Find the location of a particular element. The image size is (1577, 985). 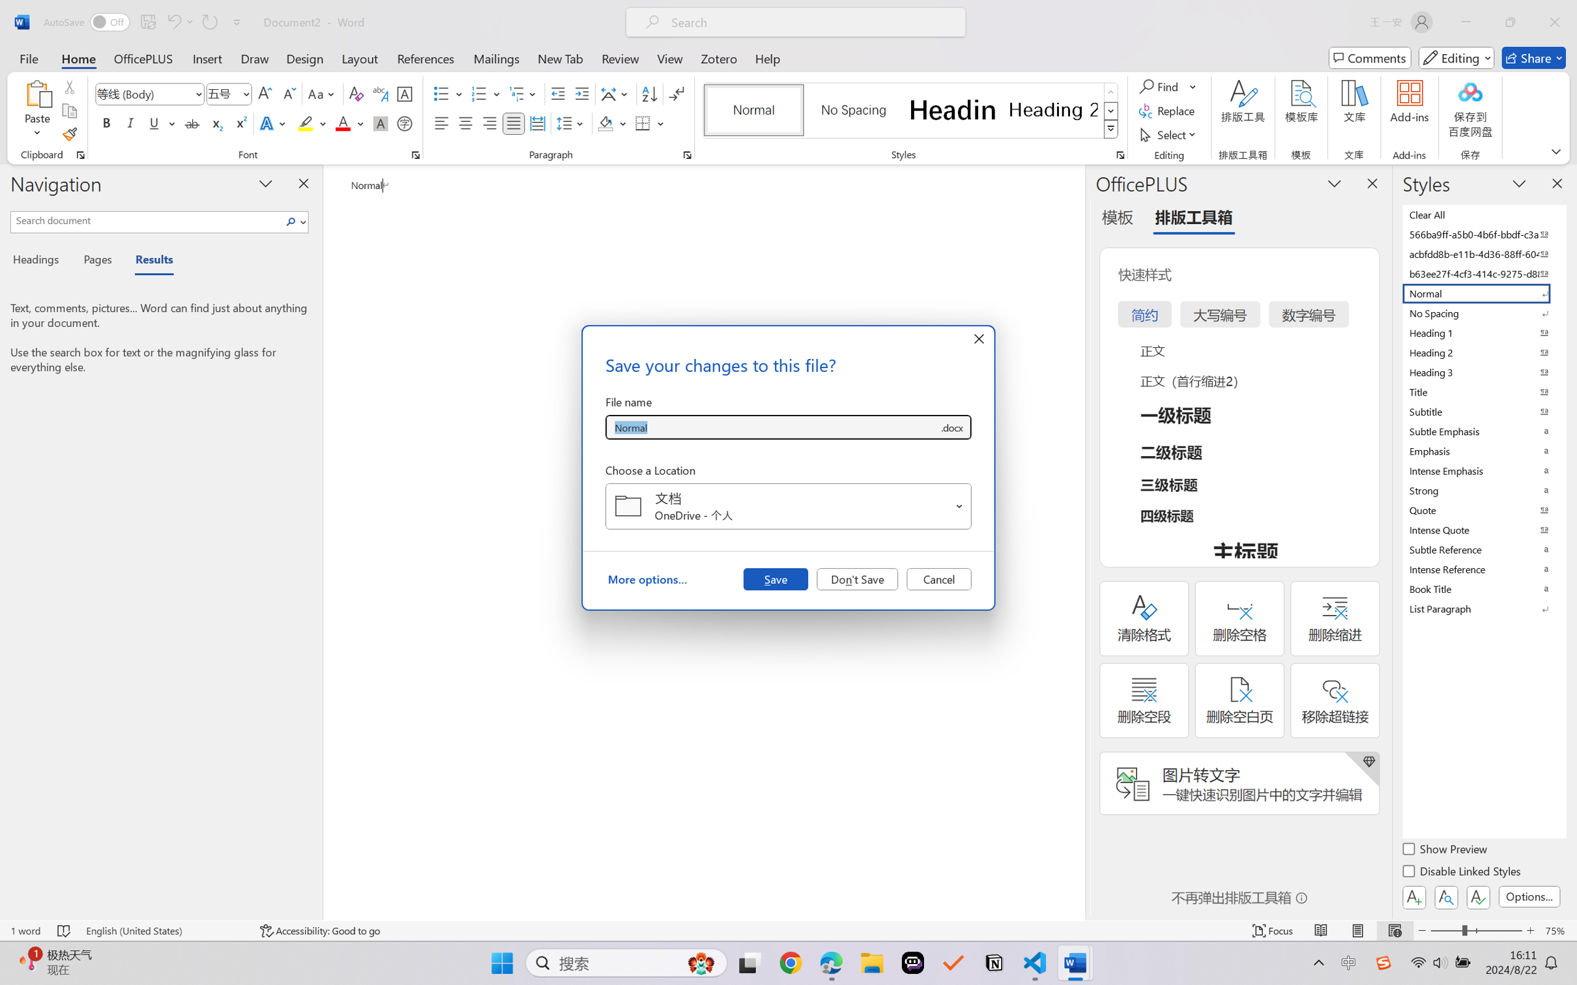

'Font Color Red' is located at coordinates (343, 122).